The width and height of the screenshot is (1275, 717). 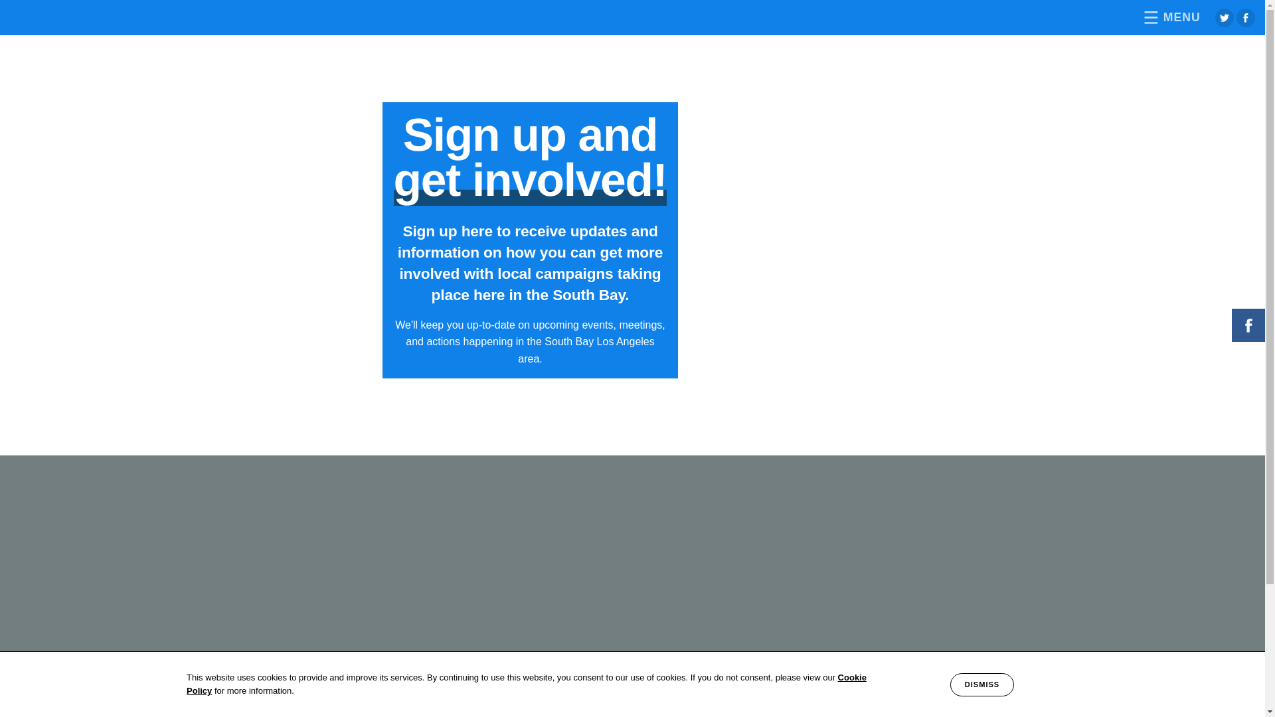 I want to click on 'FACEBOOK', so click(x=1248, y=325).